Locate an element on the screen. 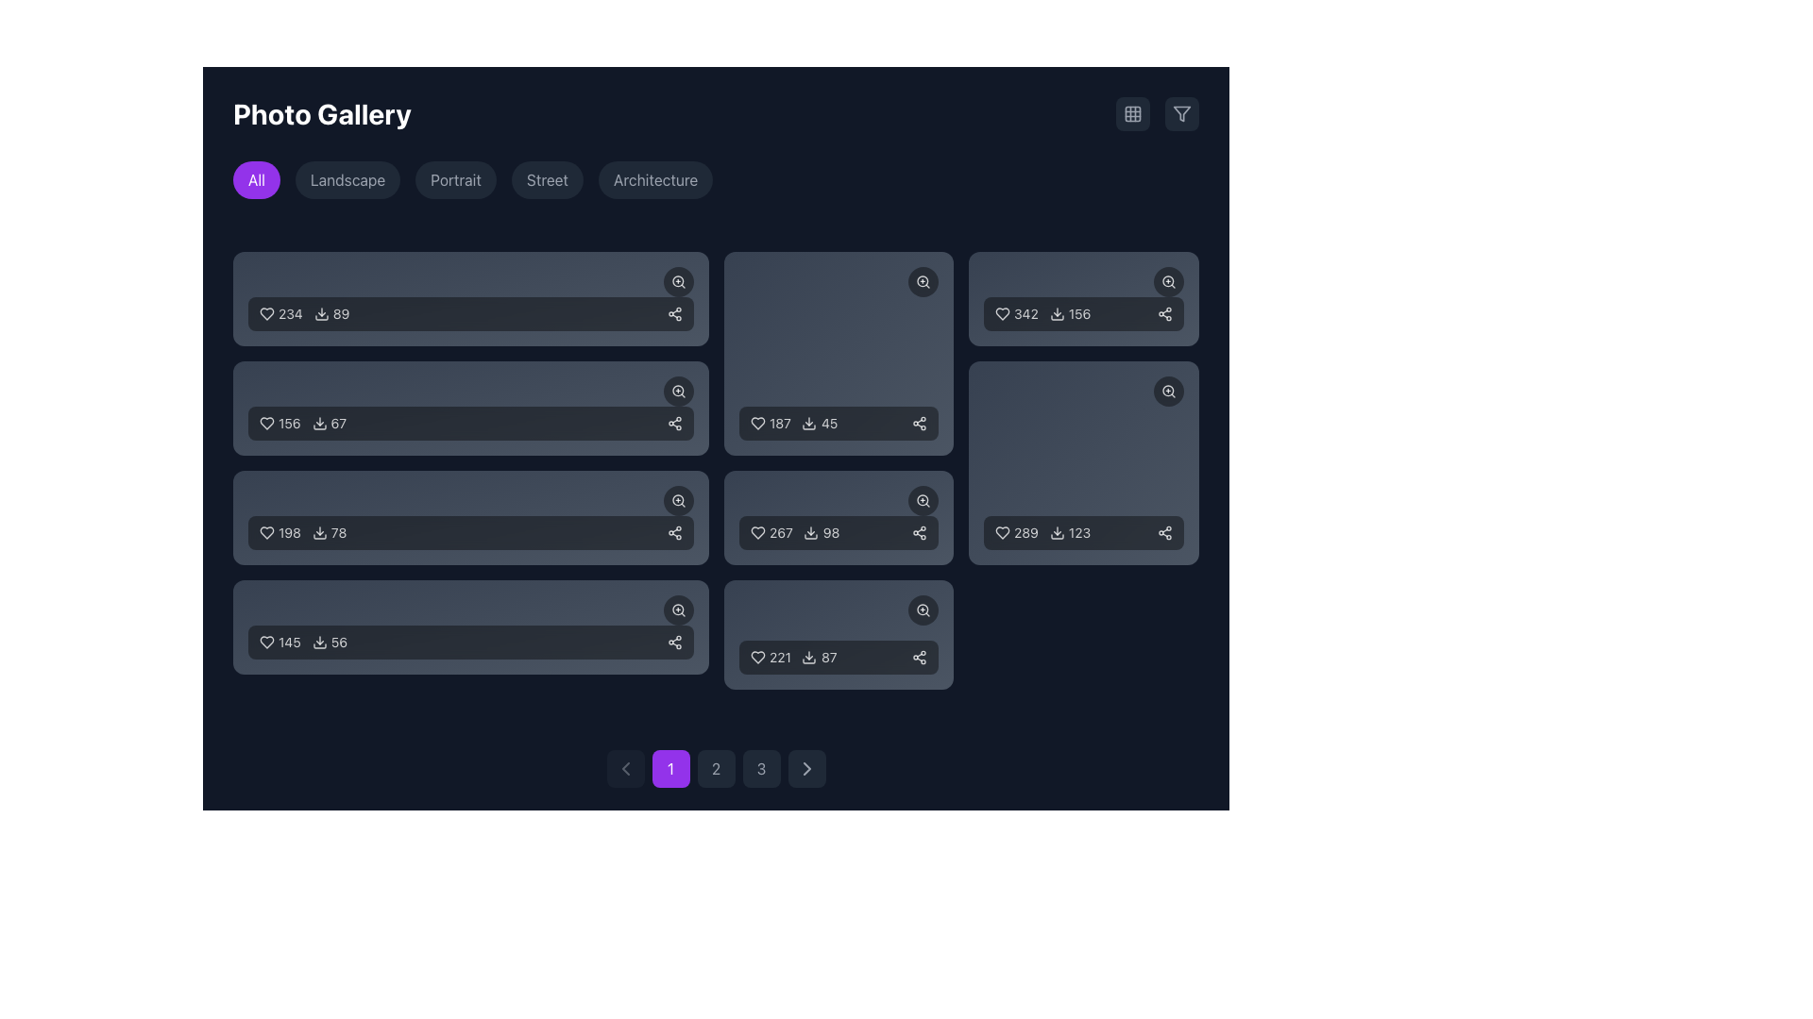 This screenshot has height=1019, width=1813. the download icon with the text '78' located on the third row of the interface, to the left side, following the heart icon with '198' is located at coordinates (330, 532).